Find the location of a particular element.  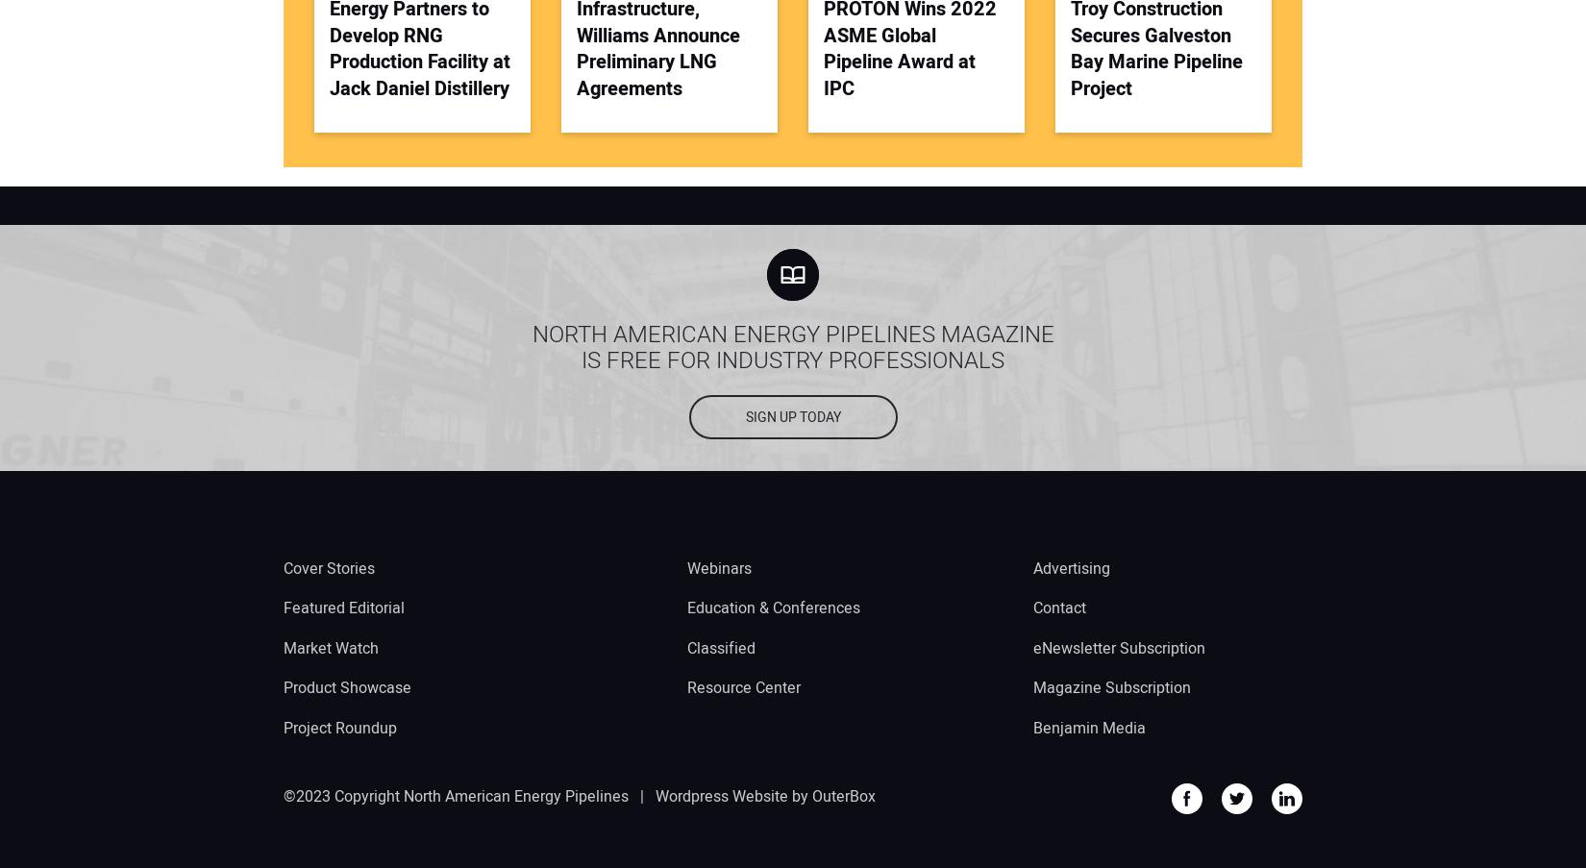

'Resource Center' is located at coordinates (743, 687).